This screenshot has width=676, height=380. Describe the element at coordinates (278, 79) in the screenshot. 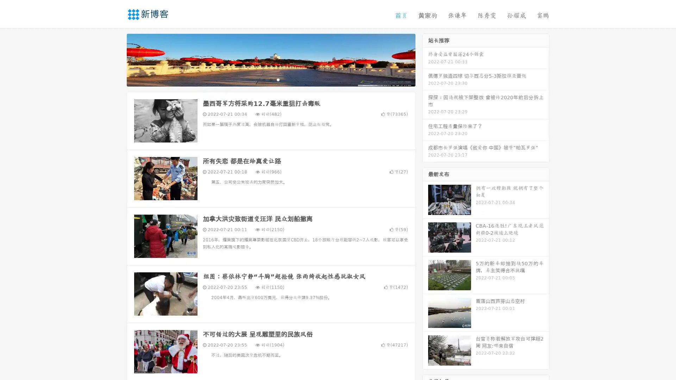

I see `Go to slide 3` at that location.